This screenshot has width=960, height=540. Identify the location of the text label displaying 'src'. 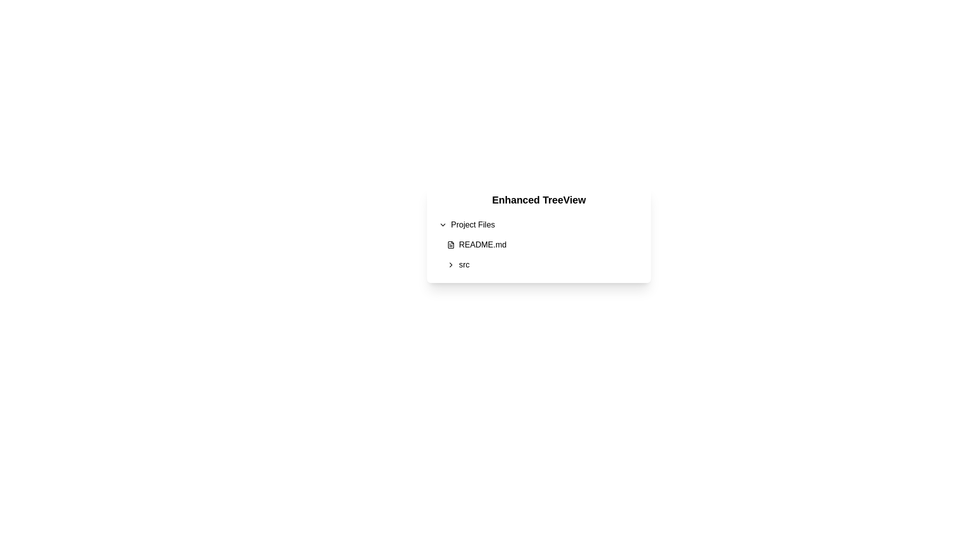
(463, 264).